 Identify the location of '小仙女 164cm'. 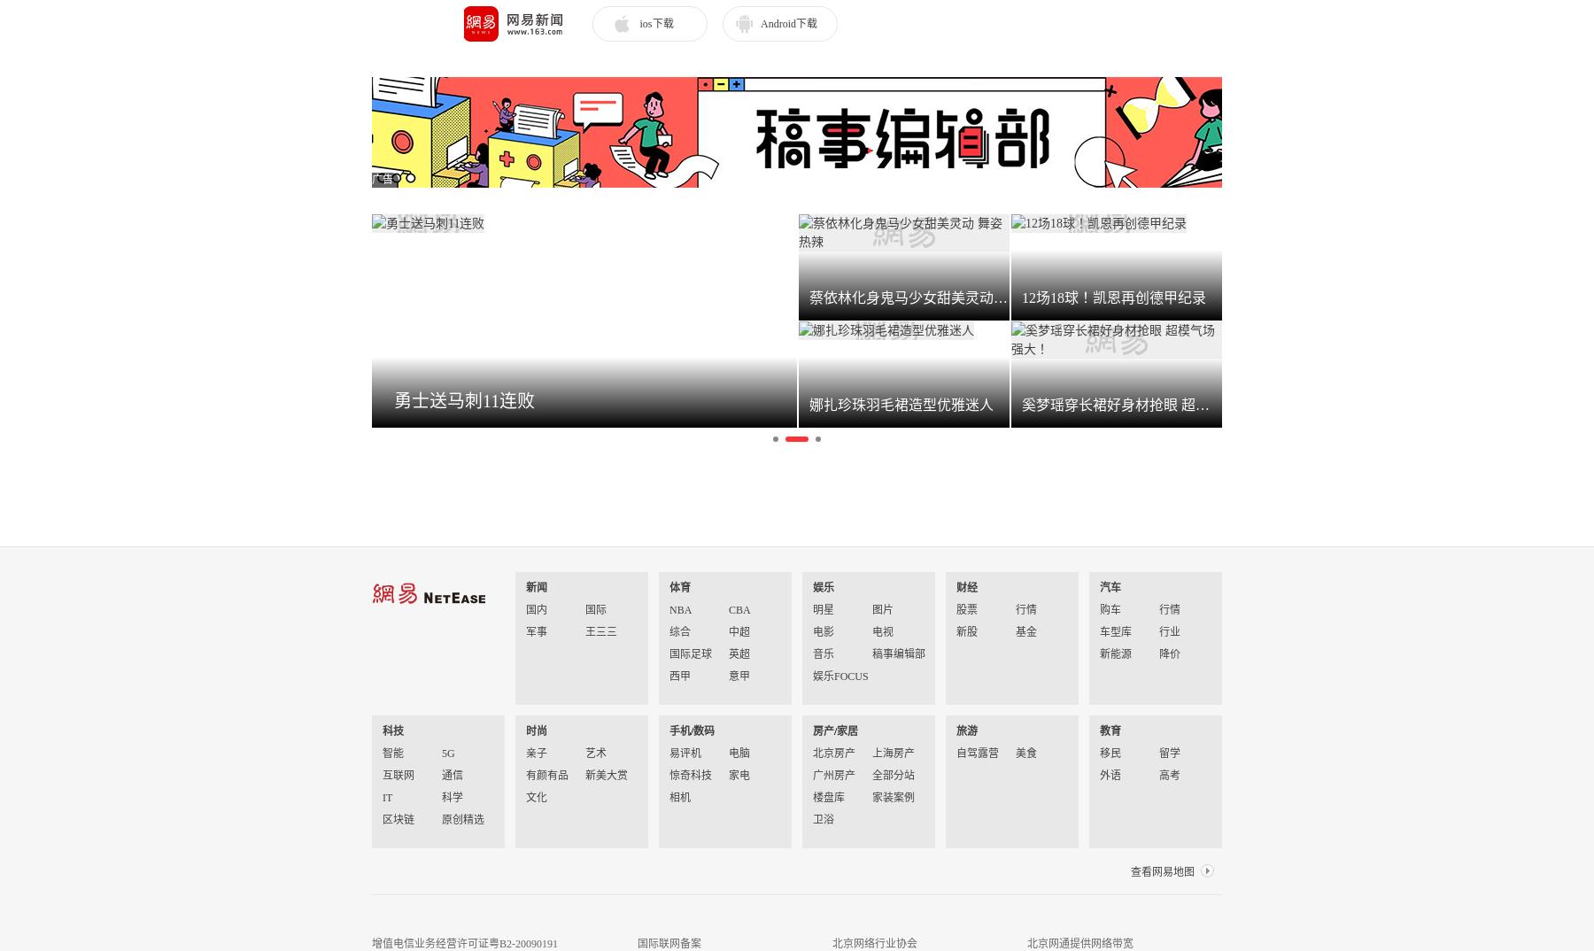
(1280, 256).